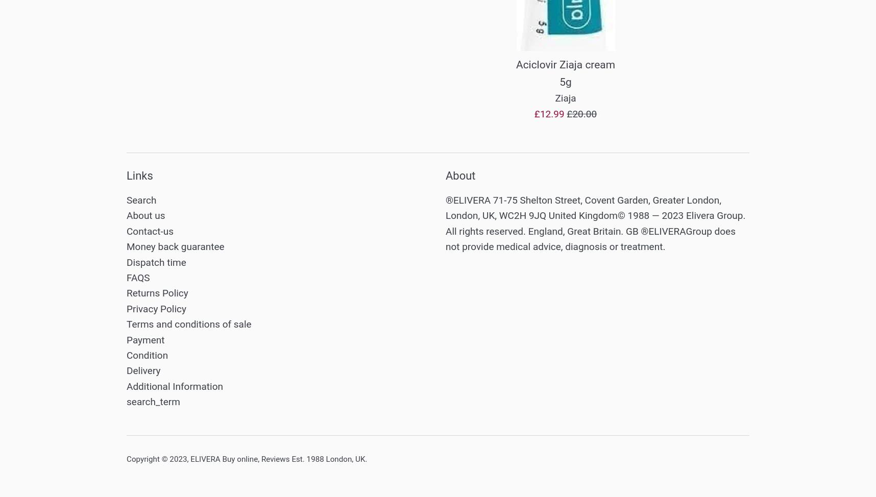  Describe the element at coordinates (188, 324) in the screenshot. I see `'Terms and conditions of sale'` at that location.